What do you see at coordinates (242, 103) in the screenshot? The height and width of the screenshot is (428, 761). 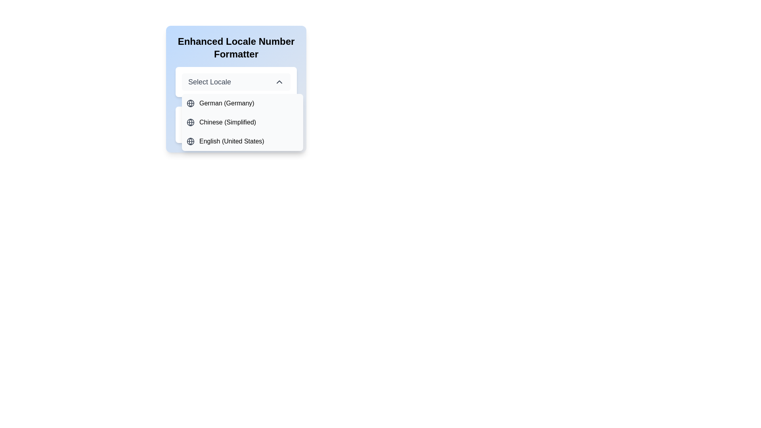 I see `the list item labeled 'German (Germany)' in the dropdown list` at bounding box center [242, 103].